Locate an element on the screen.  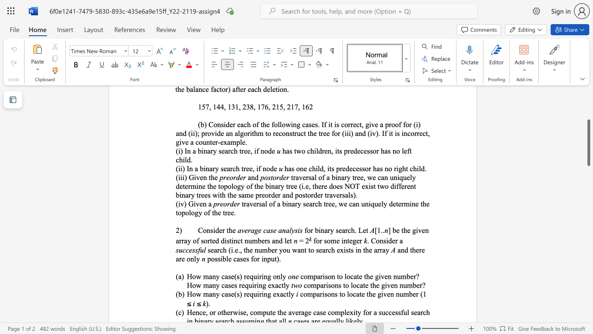
the subset text "er" within the text "for some integer" is located at coordinates (356, 240).